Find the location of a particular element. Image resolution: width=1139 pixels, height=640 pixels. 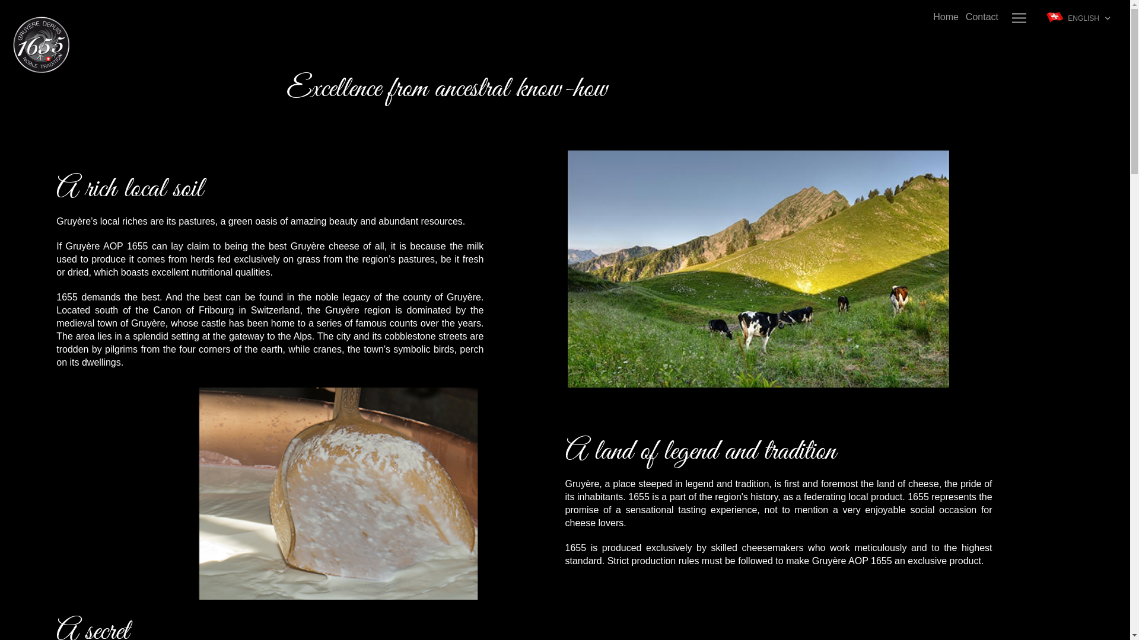

'Home' is located at coordinates (933, 17).